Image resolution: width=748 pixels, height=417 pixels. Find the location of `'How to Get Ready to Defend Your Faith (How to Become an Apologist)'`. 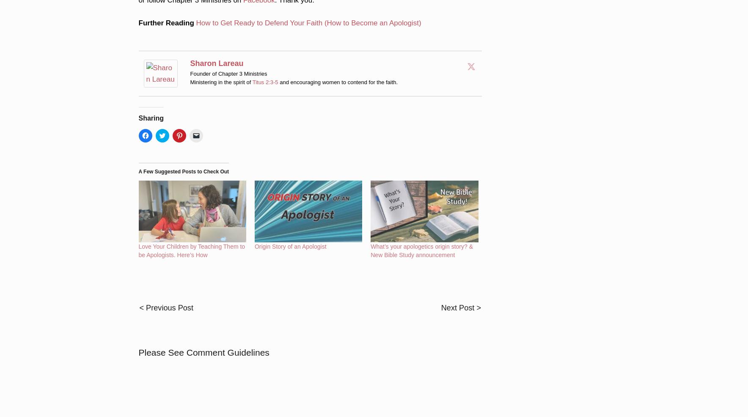

'How to Get Ready to Defend Your Faith (How to Become an Apologist)' is located at coordinates (308, 11).